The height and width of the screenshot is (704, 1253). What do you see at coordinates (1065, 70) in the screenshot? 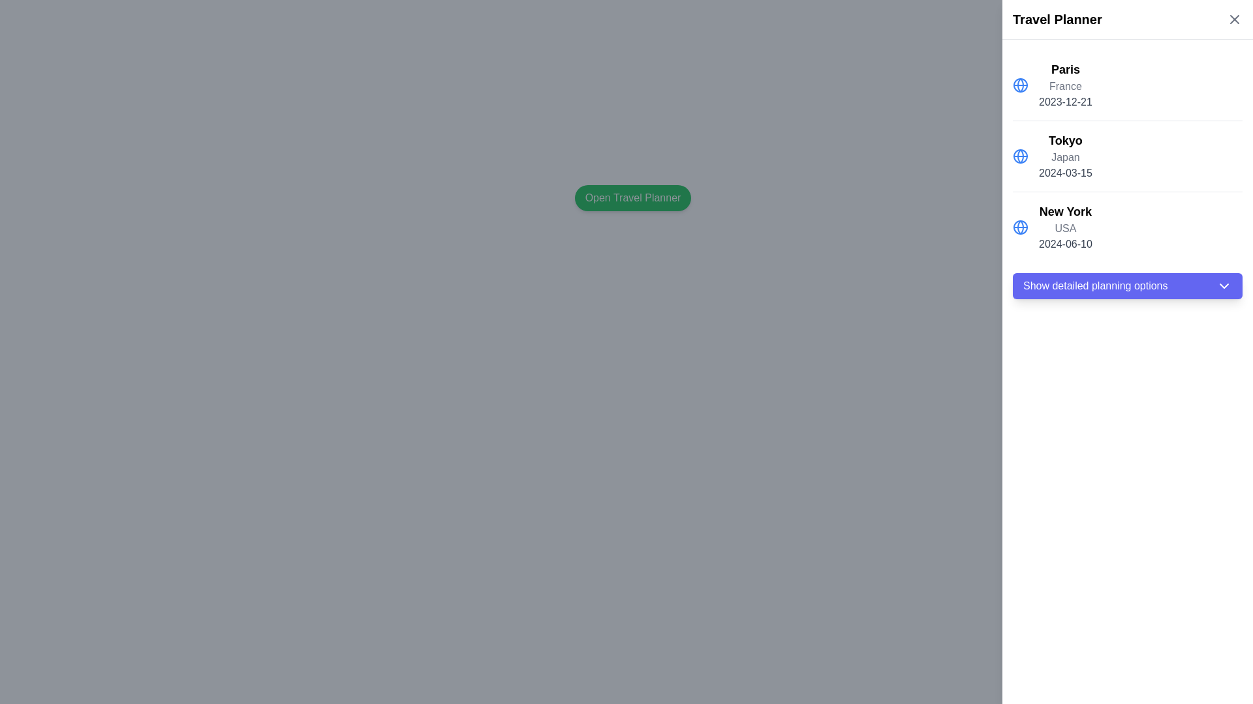
I see `the text label 'Paris', which is displayed in bold and larger font size, located in the right panel under the 'Travel Planner' heading` at bounding box center [1065, 70].